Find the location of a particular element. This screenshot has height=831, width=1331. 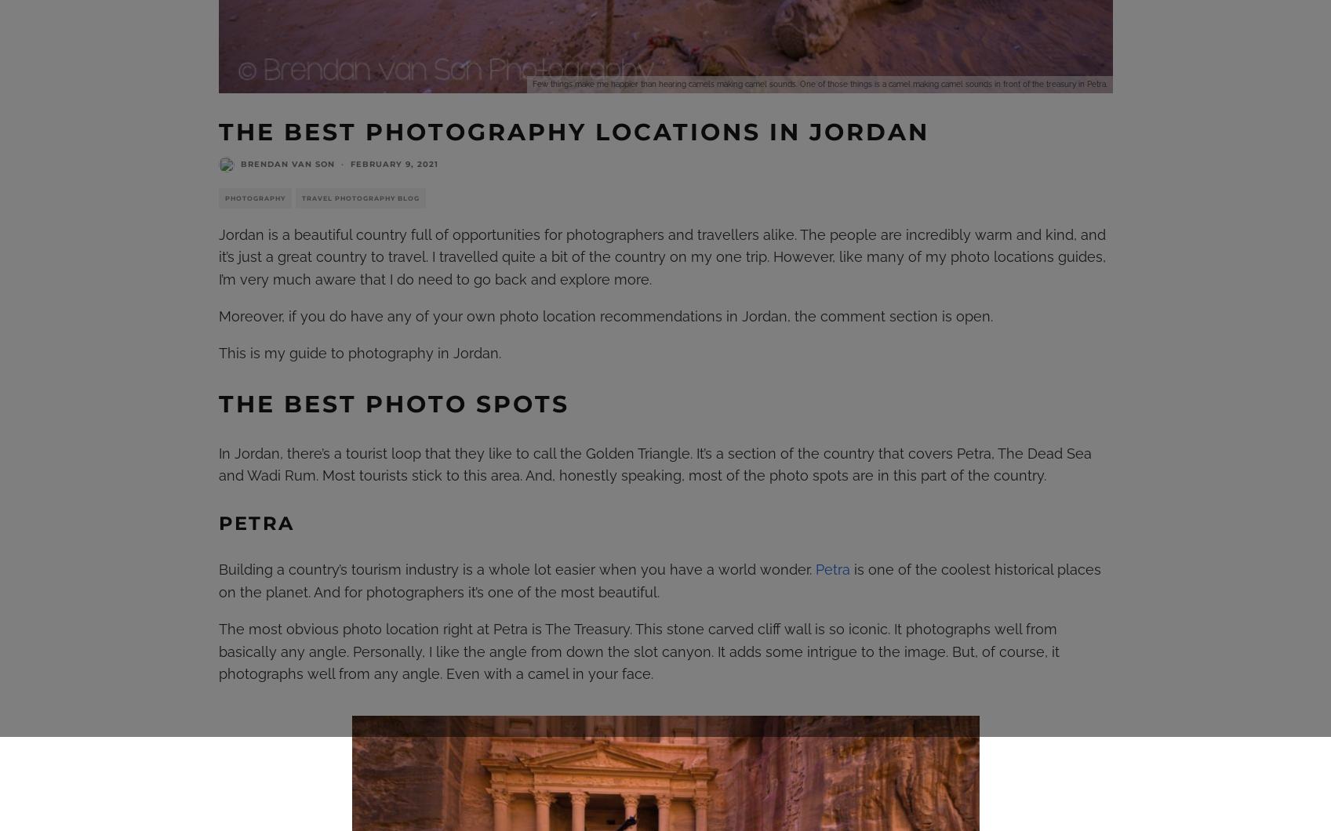

'Jordan is a beautiful country full of opportunities for photographers and travellers alike.  The people are incredibly warm and kind, and it’s just a great country to travel.  I travelled quite a bit of the country on my one trip.  However, like many of my photo locations guides, I’m very much aware that I do need to go back and explore more.' is located at coordinates (661, 256).